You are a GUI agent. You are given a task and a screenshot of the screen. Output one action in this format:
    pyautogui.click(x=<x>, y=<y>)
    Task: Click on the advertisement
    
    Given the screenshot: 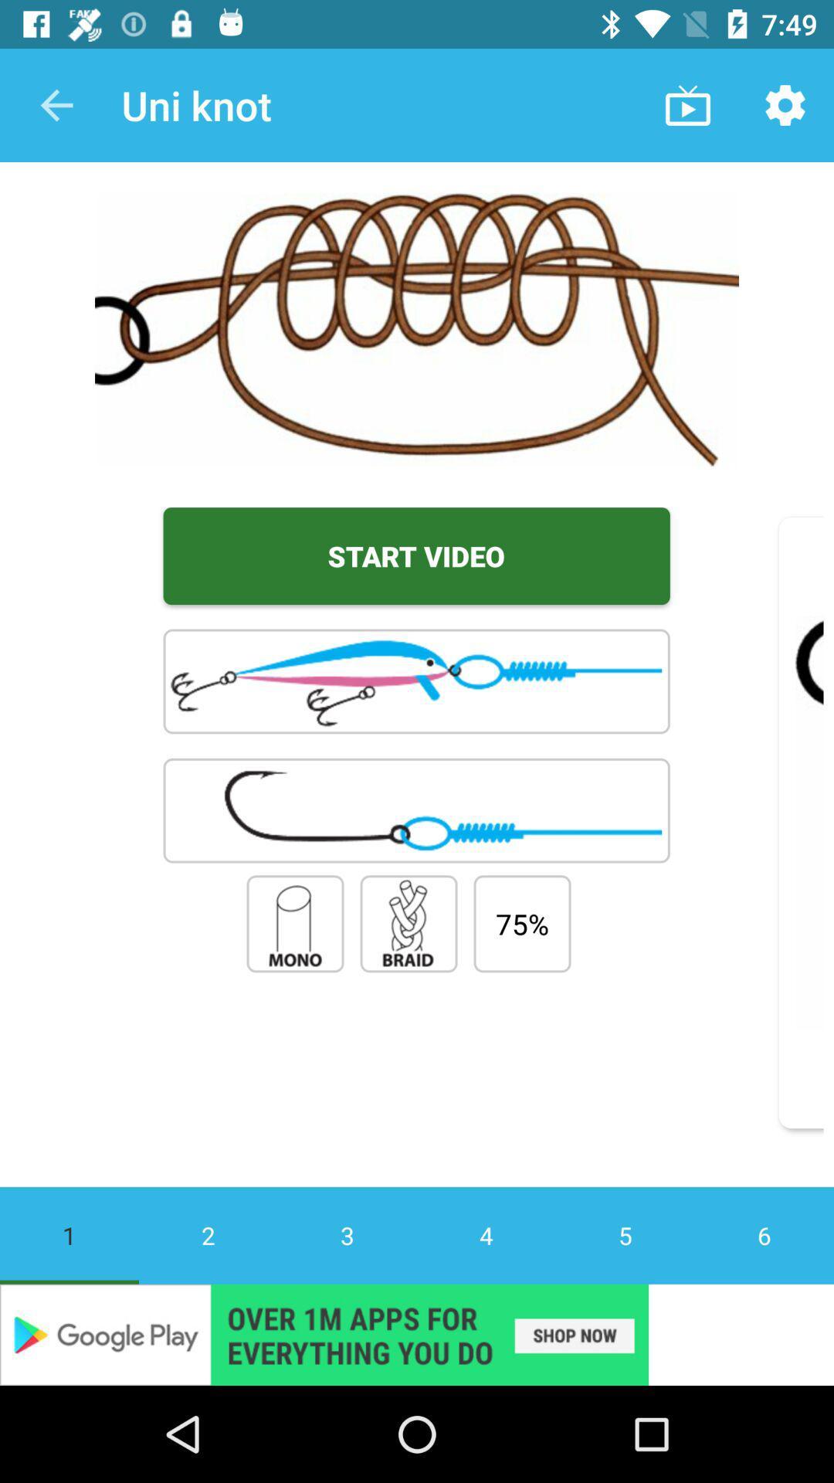 What is the action you would take?
    pyautogui.click(x=417, y=1334)
    